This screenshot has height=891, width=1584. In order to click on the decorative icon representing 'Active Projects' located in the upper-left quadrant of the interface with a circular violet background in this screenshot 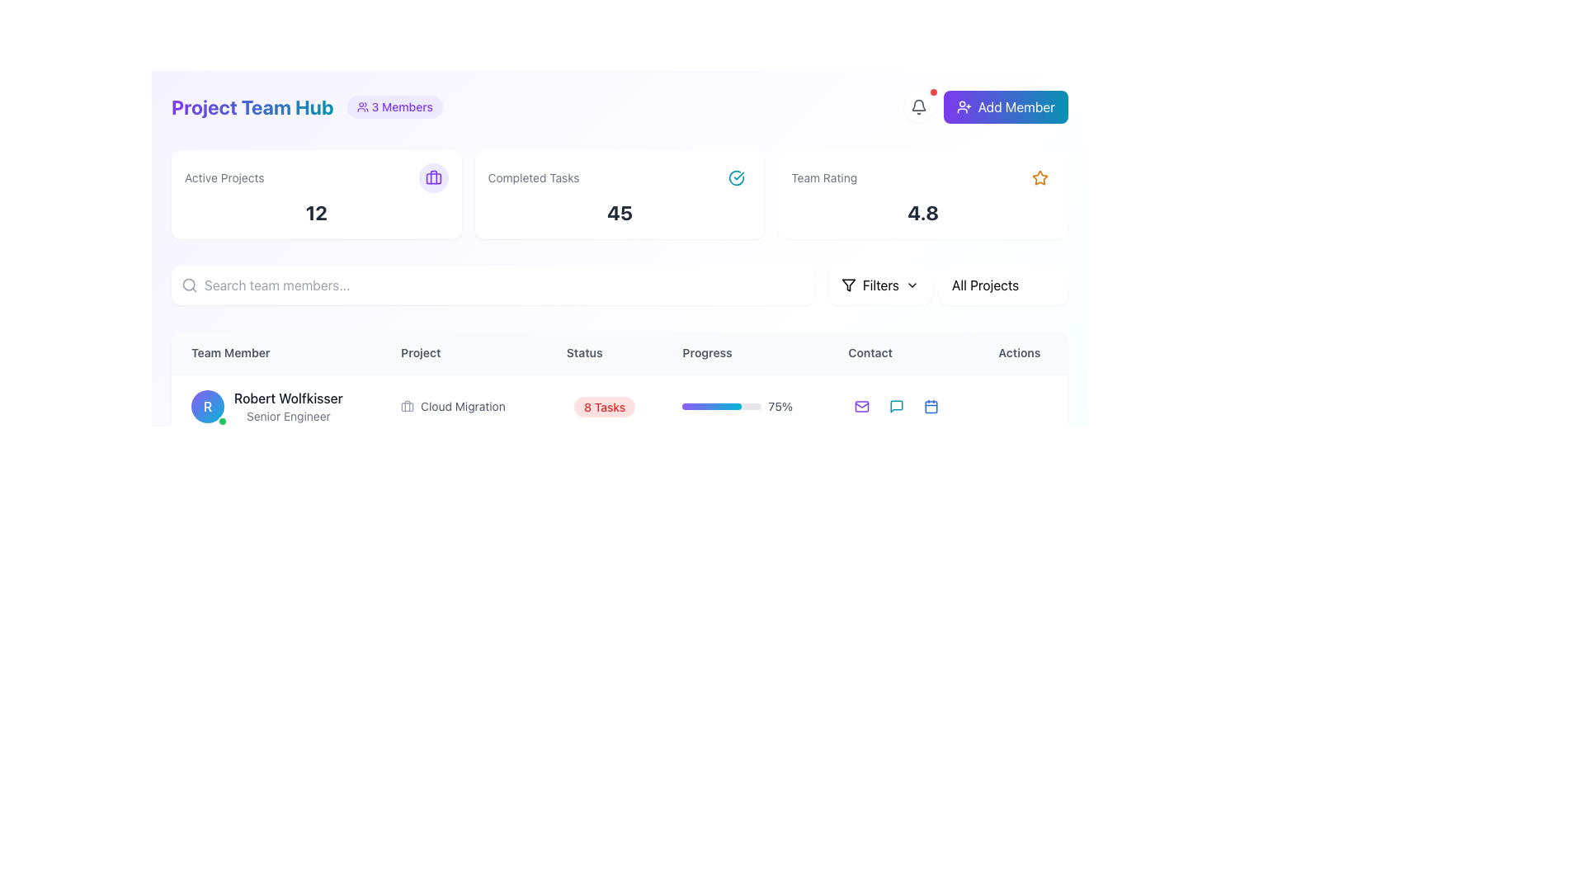, I will do `click(433, 178)`.